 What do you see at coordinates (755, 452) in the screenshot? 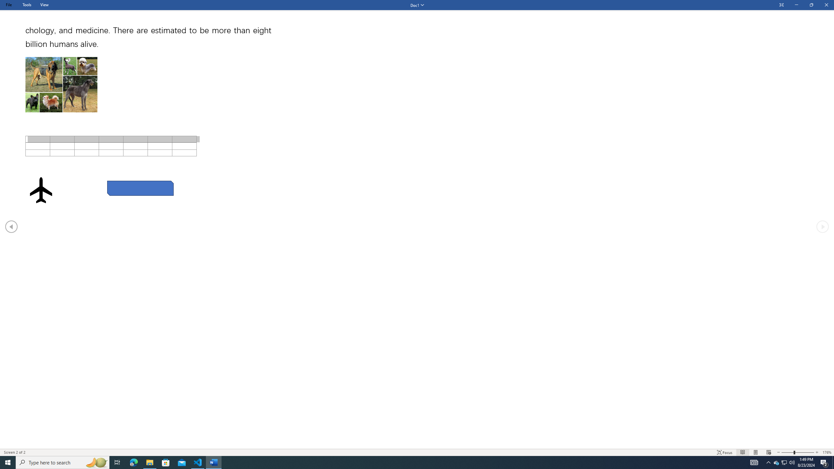
I see `'Print Layout'` at bounding box center [755, 452].